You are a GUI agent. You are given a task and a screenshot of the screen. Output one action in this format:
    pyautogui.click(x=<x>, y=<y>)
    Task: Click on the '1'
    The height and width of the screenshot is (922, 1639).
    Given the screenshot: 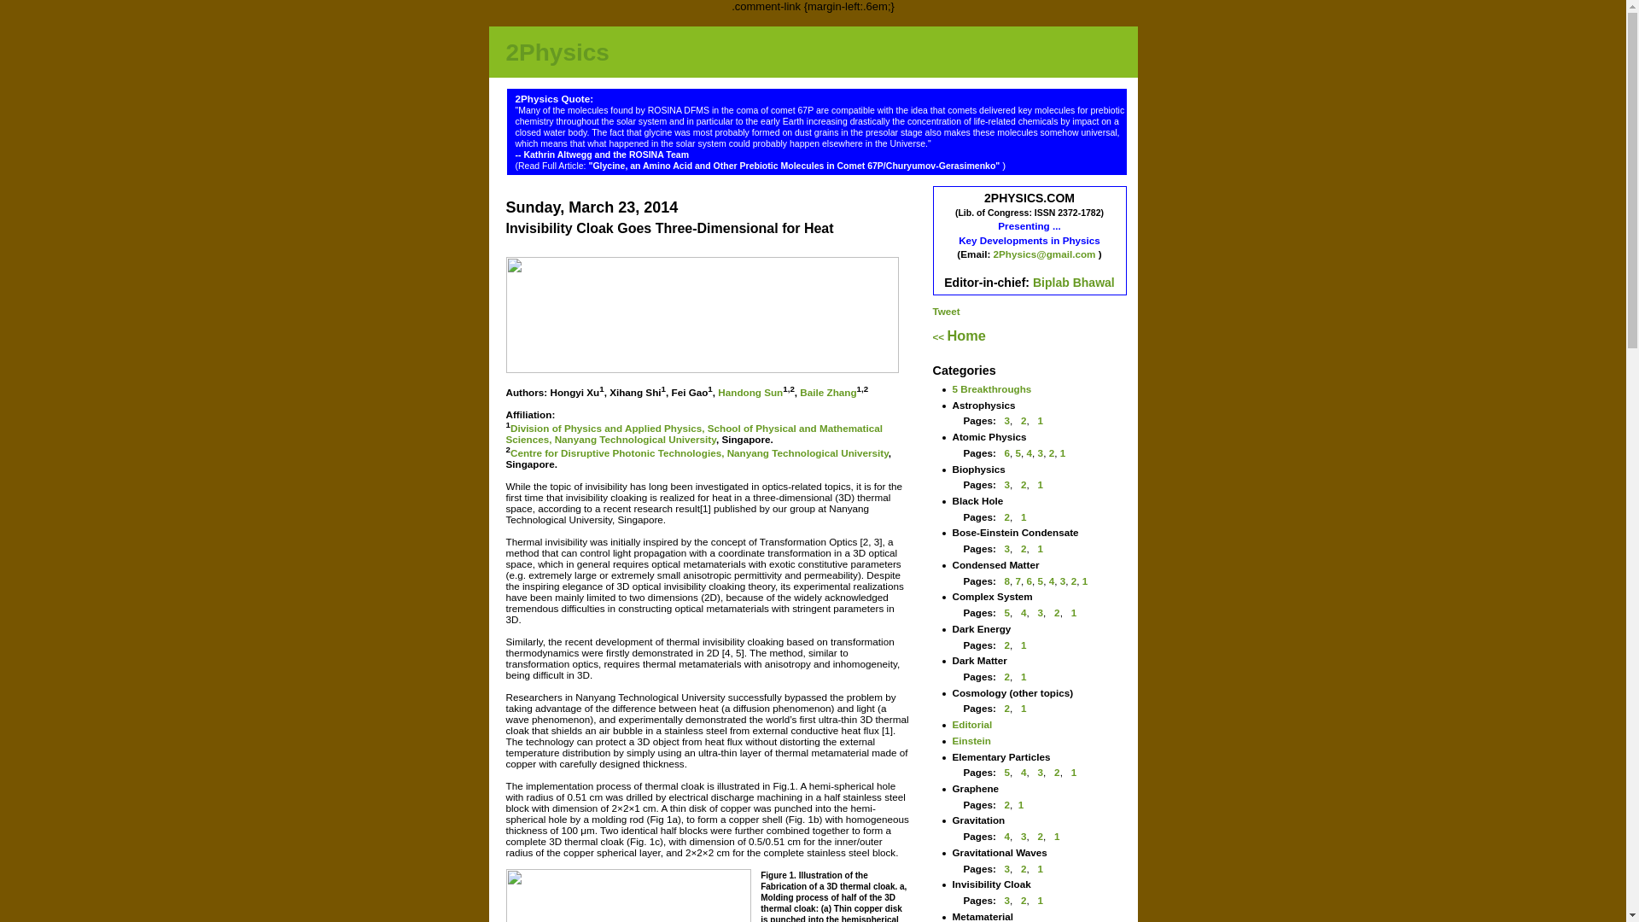 What is the action you would take?
    pyautogui.click(x=1081, y=580)
    